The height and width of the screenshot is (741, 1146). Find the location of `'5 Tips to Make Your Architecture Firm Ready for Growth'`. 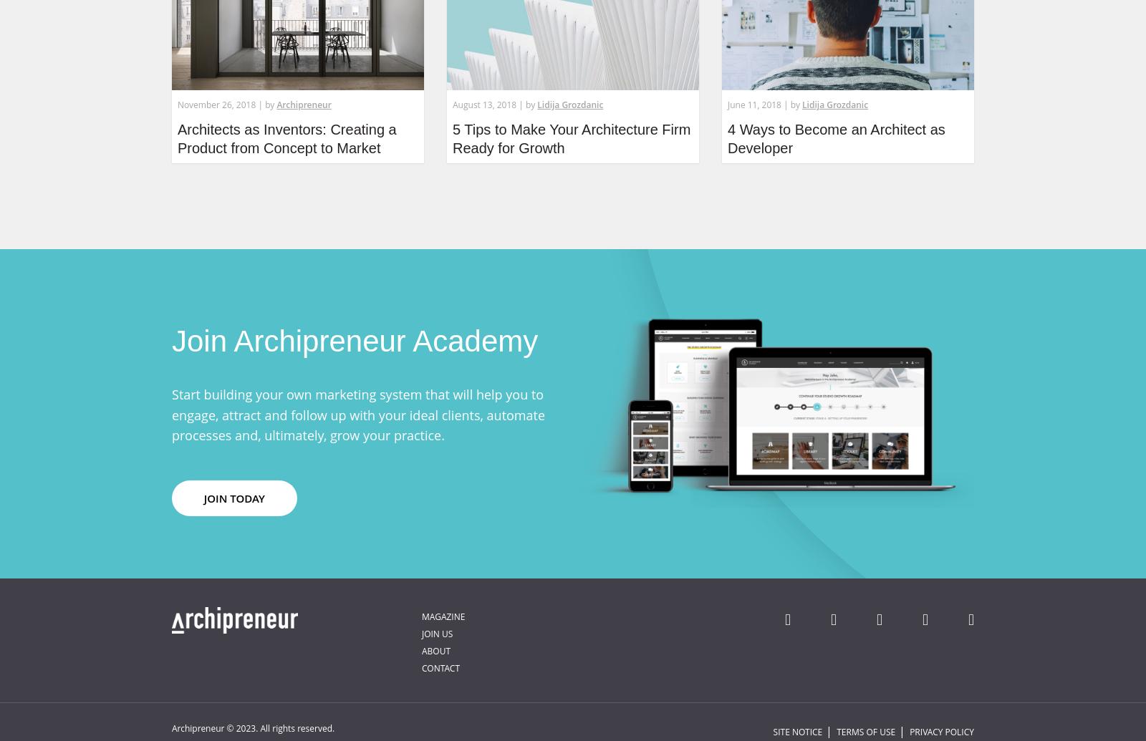

'5 Tips to Make Your Architecture Firm Ready for Growth' is located at coordinates (452, 138).